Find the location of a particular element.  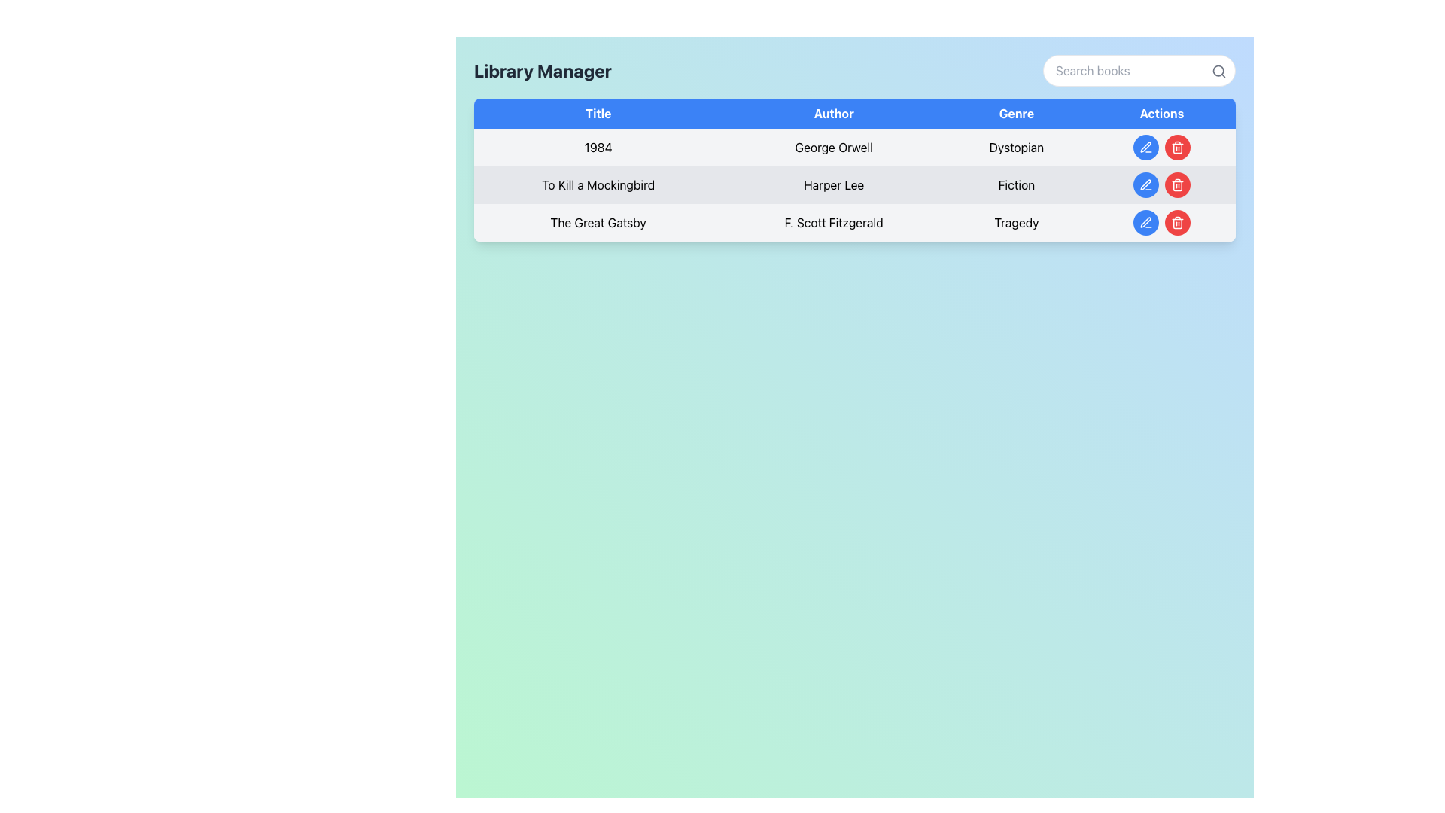

the 'Edit' button located in the 'Actions' column of the second row in the table is located at coordinates (1145, 184).